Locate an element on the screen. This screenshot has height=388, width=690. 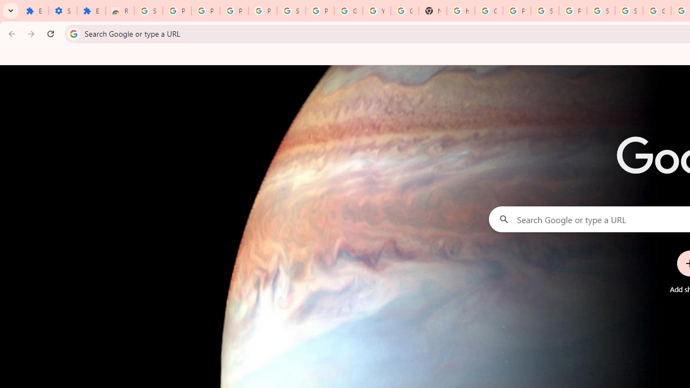
'Sign in - Google Accounts' is located at coordinates (600, 11).